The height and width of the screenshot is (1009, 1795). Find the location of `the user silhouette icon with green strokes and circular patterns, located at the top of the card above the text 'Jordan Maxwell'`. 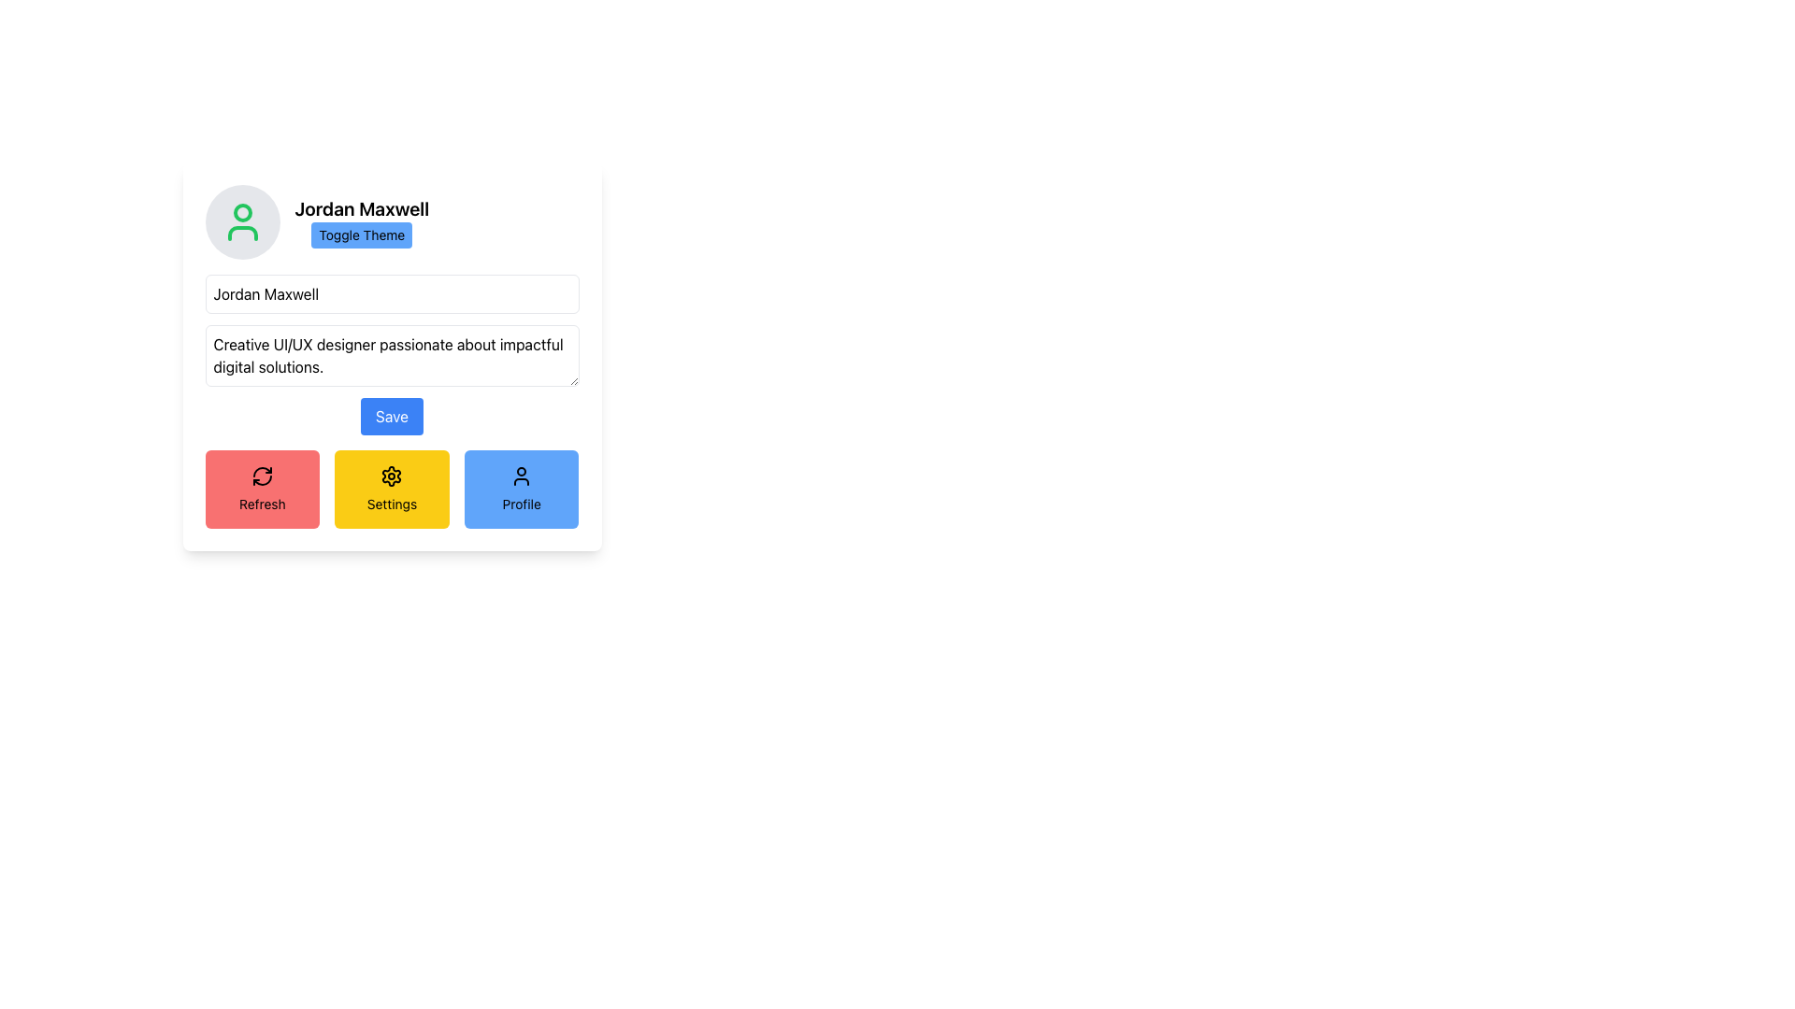

the user silhouette icon with green strokes and circular patterns, located at the top of the card above the text 'Jordan Maxwell' is located at coordinates (241, 221).